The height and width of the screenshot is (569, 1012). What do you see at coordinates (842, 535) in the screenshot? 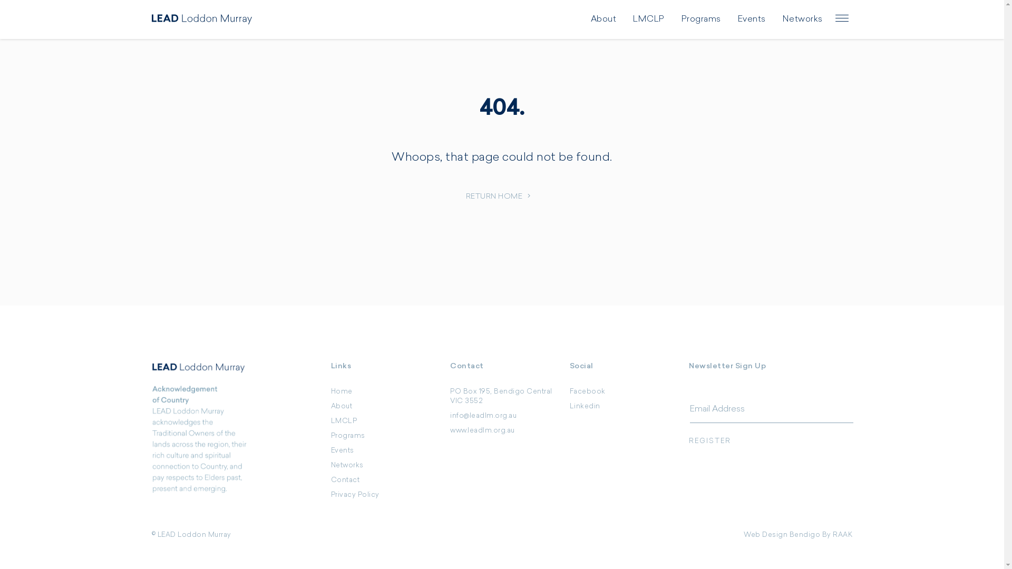
I see `'RAAK'` at bounding box center [842, 535].